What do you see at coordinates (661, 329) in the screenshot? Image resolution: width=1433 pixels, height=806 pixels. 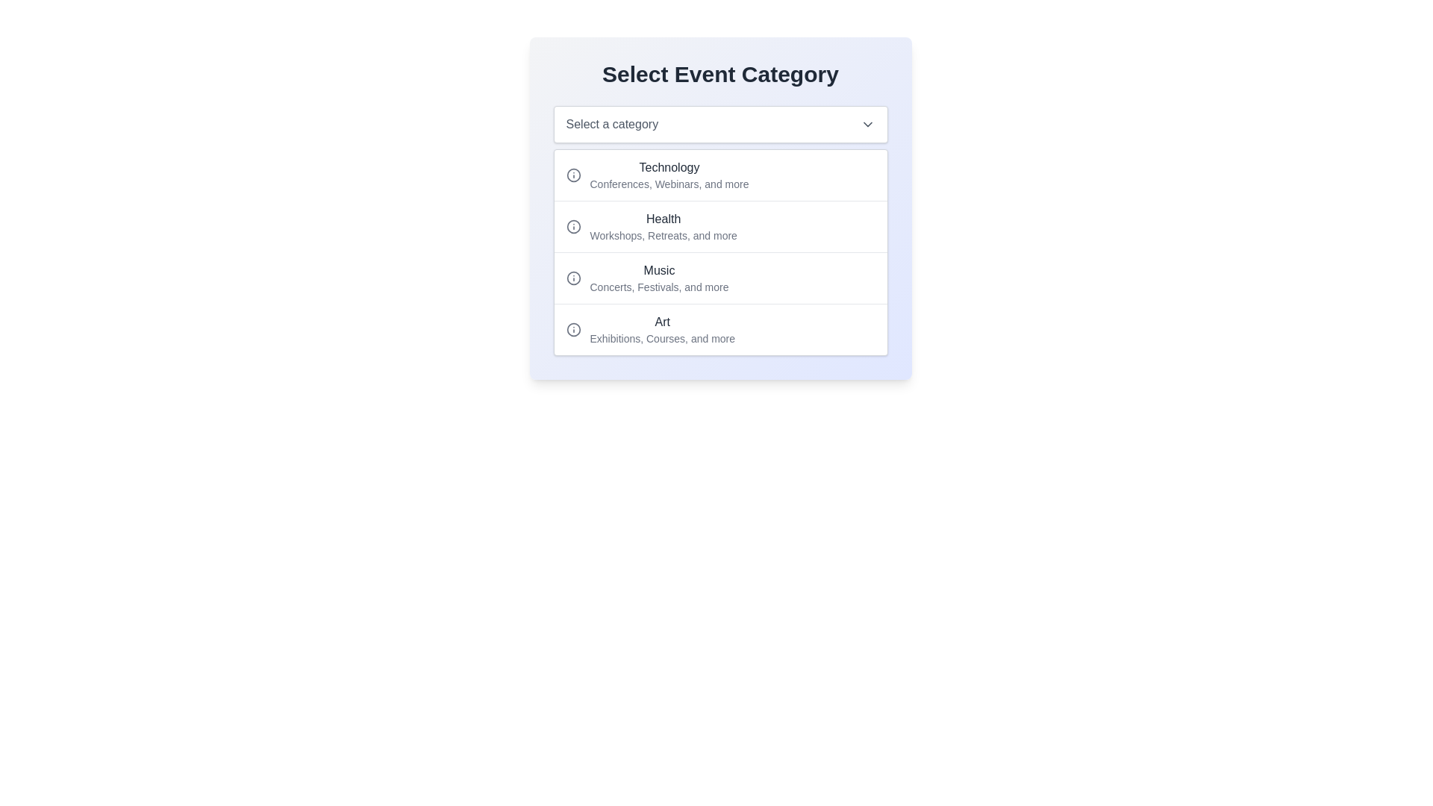 I see `the 'Art' category option in the 'Select Event Category' vertical list` at bounding box center [661, 329].